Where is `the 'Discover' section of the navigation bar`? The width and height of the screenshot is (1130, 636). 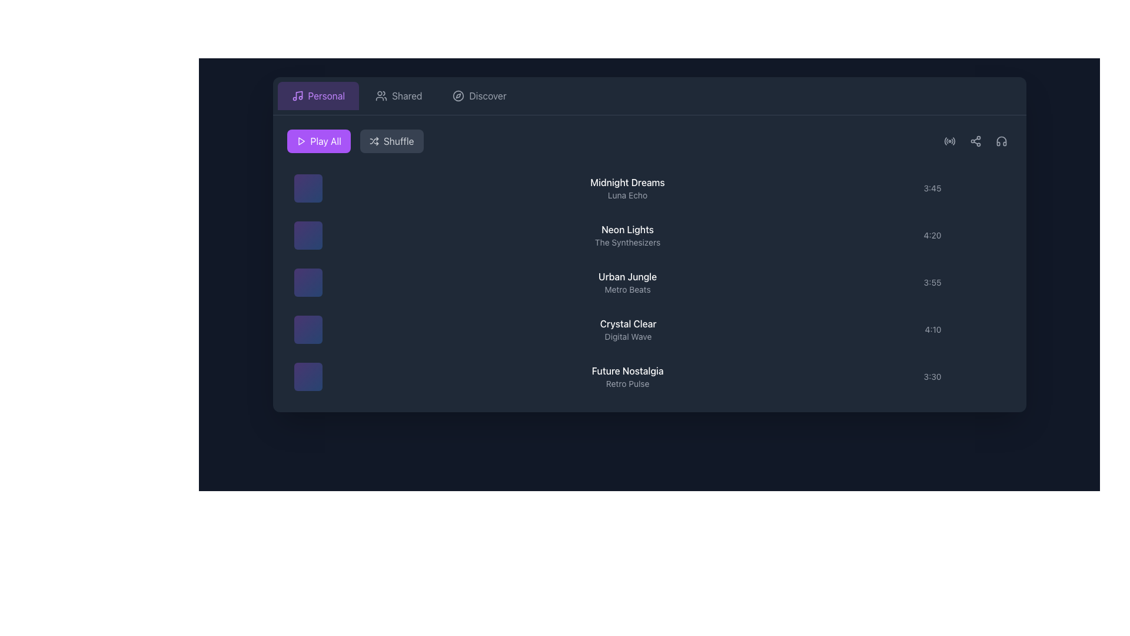 the 'Discover' section of the navigation bar is located at coordinates (649, 95).